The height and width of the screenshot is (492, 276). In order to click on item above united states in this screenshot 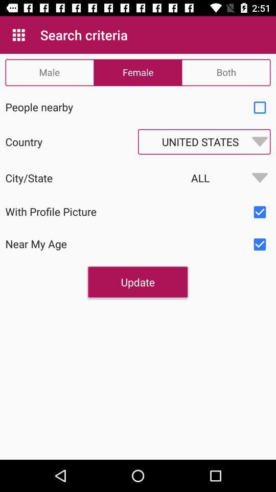, I will do `click(260, 108)`.